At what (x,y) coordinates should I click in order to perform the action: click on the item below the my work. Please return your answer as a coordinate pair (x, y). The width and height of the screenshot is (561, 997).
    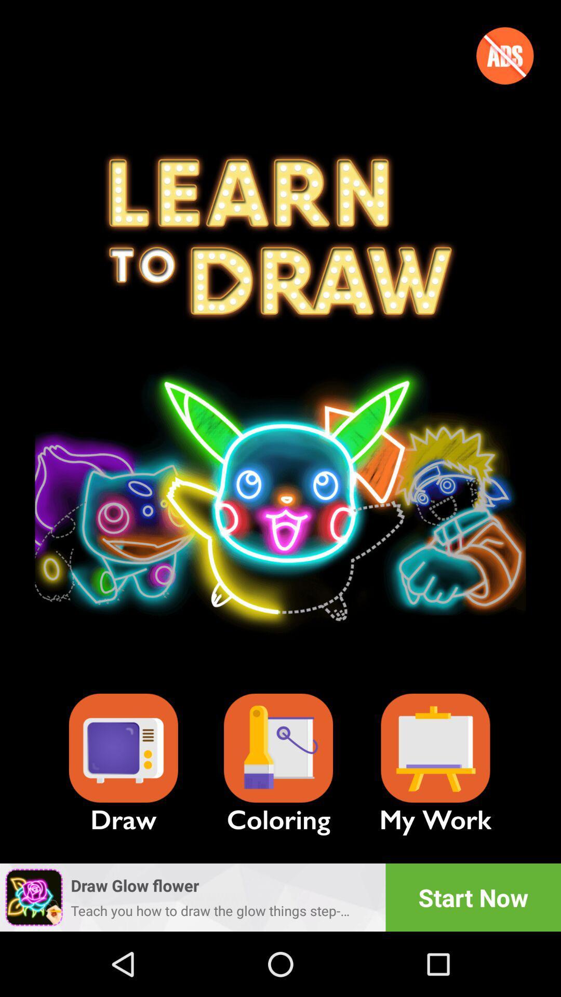
    Looking at the image, I should click on (473, 897).